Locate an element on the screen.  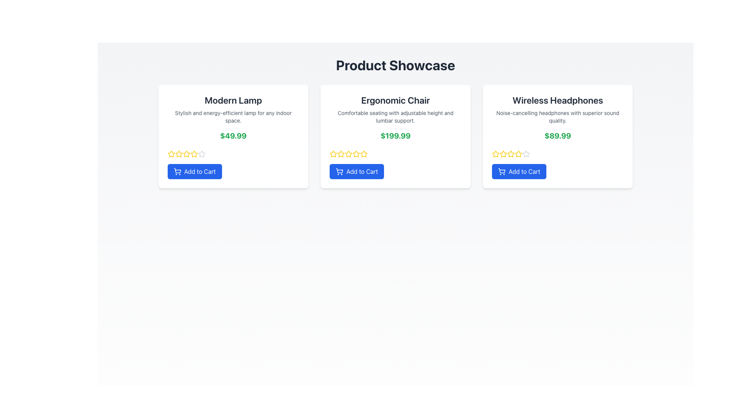
the fifth star icon in the rating component for the Wireless Headphones product, which visually represents the rating is located at coordinates (525, 154).